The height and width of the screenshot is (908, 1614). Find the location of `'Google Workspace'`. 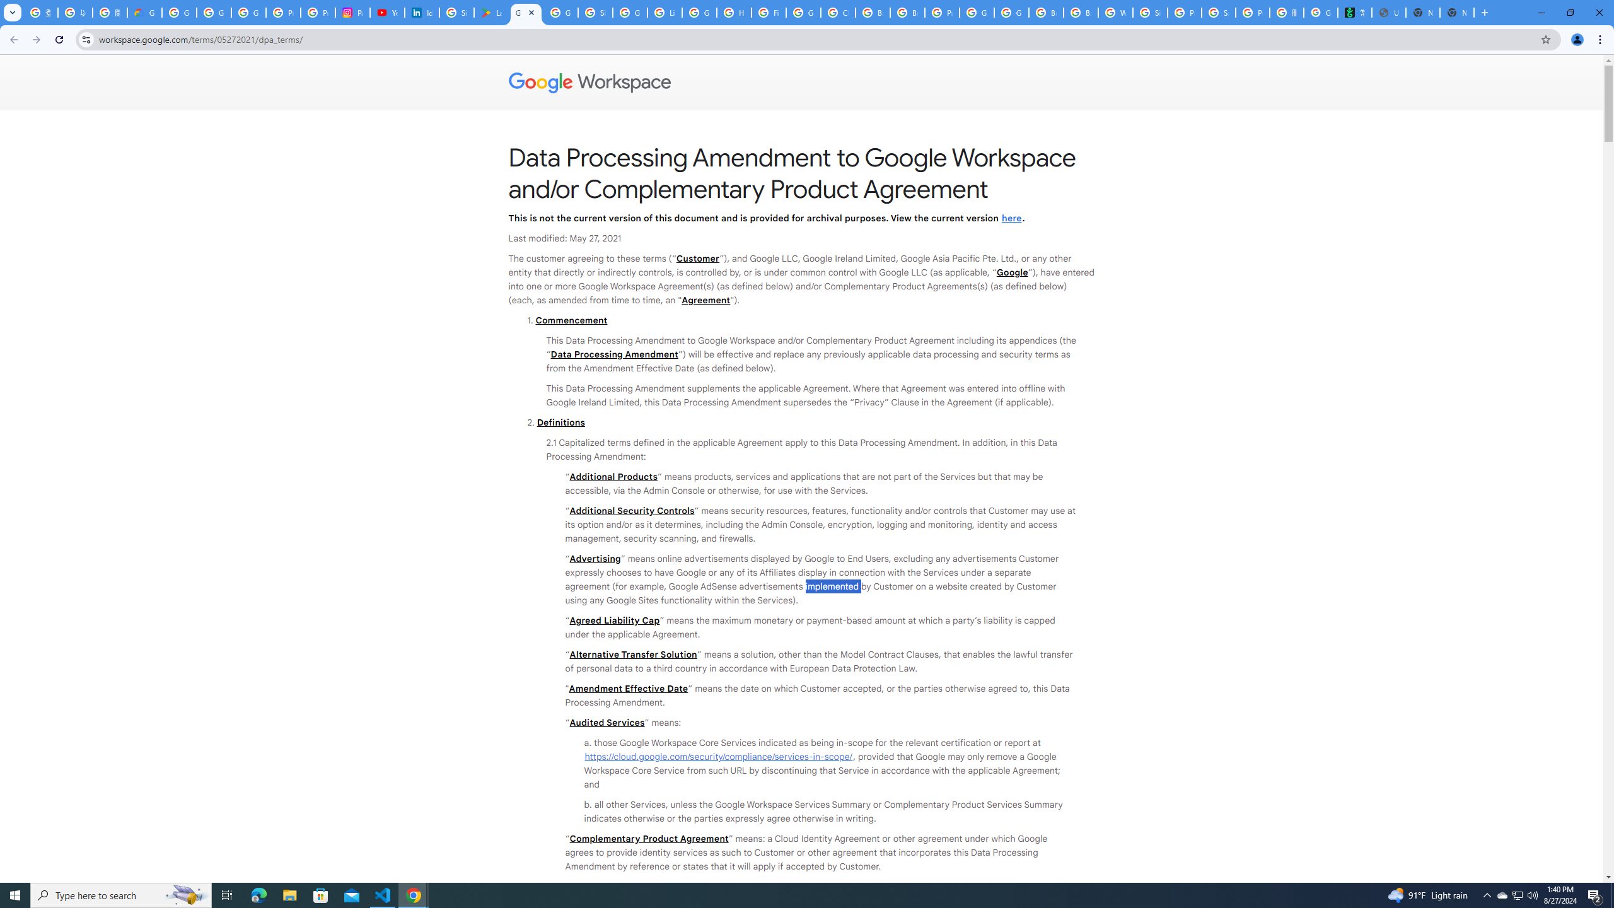

'Google Workspace' is located at coordinates (801, 82).